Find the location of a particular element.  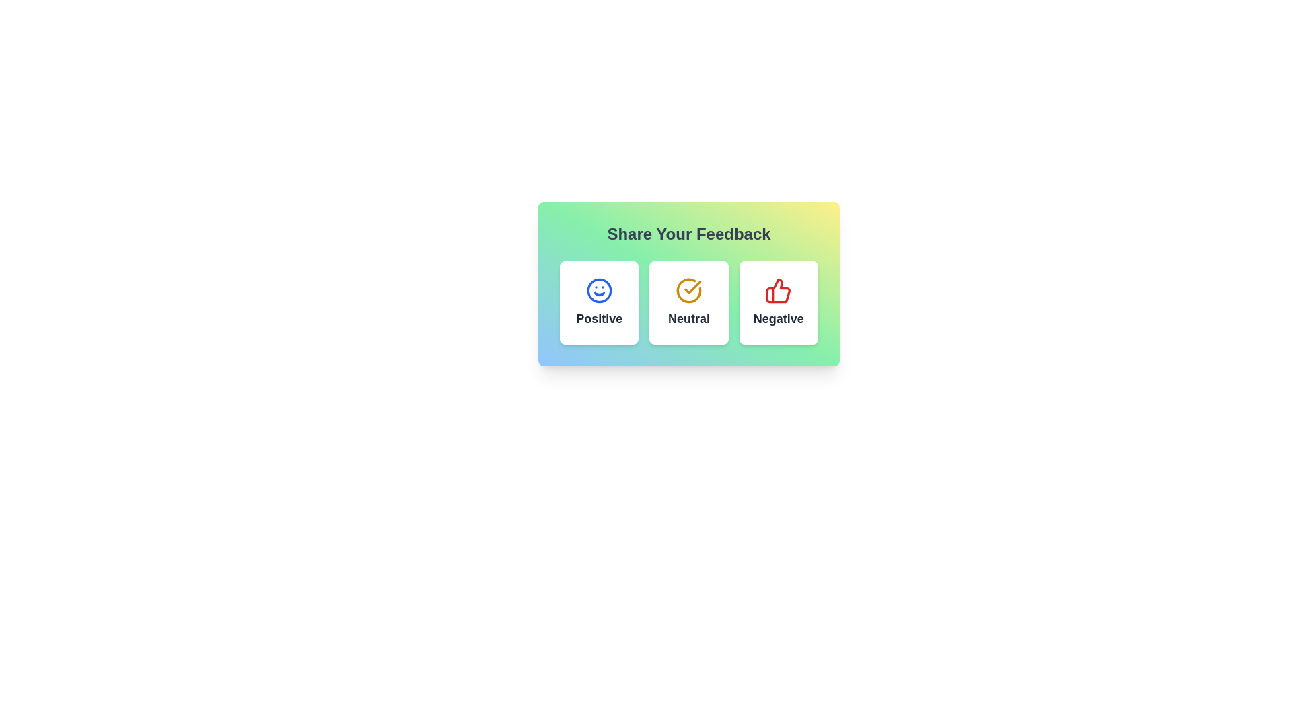

the 'Negative' label styled with a dark gray font, bold, and medium size, located below the thumbs-down icon in the third card from the left in a group of three cards is located at coordinates (779, 319).